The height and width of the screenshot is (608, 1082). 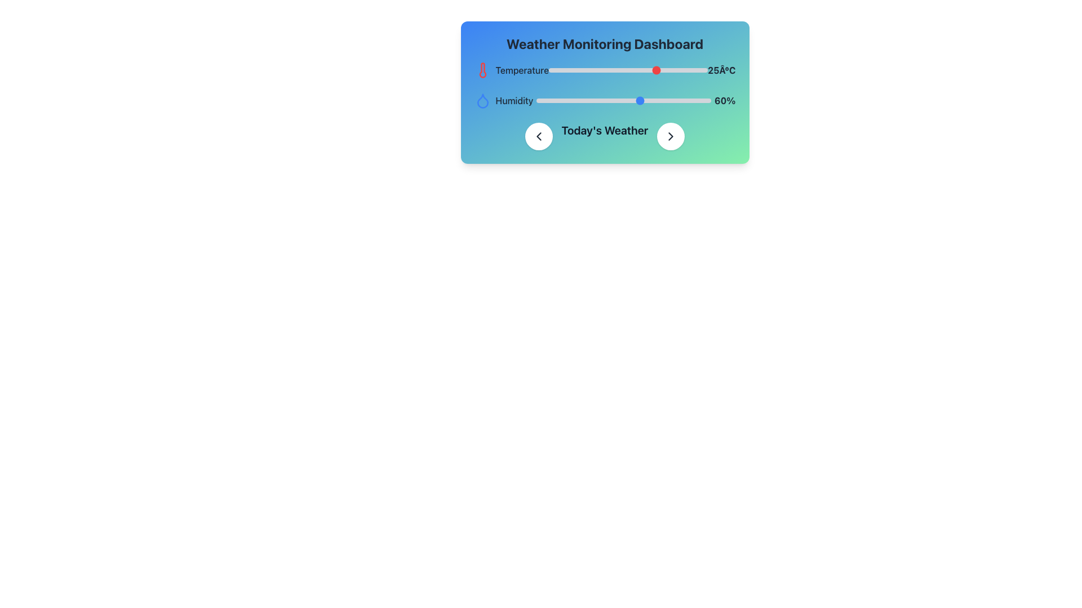 I want to click on the horizontal humidity slider element, which features a rounded handle and is located in the Weather Monitoring Dashboard, positioned between the 'Humidity' label and the '60%' percentage display, so click(x=604, y=100).